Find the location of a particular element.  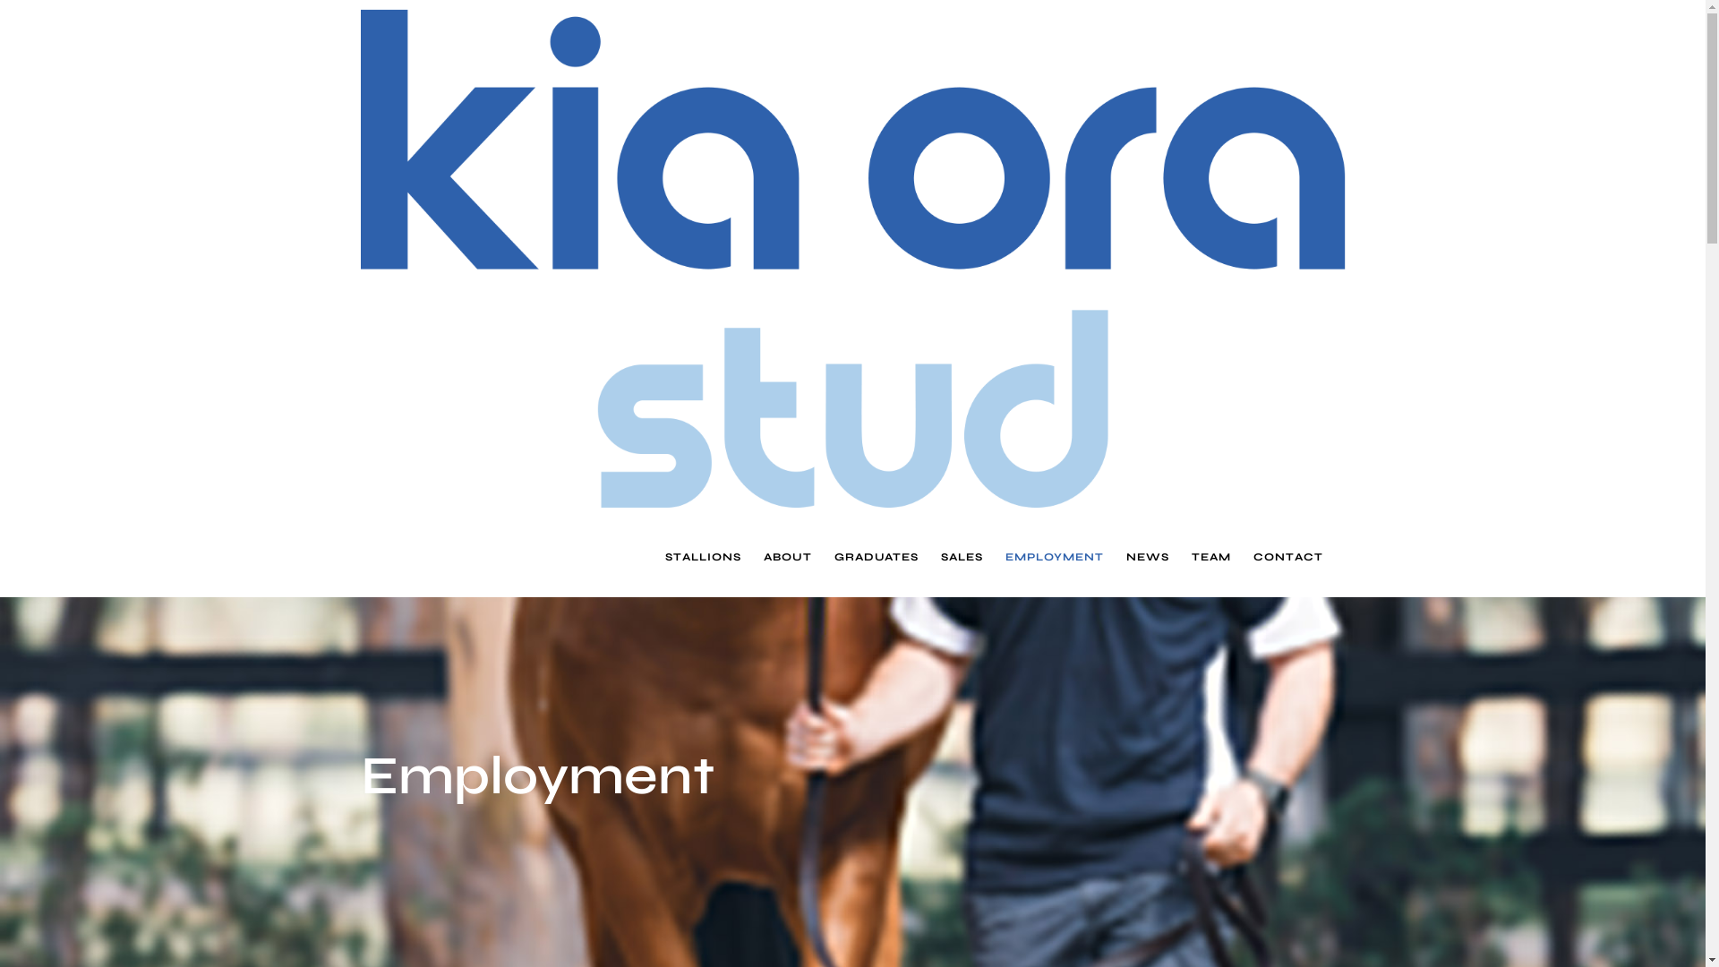

'STALLIONS' is located at coordinates (701, 555).